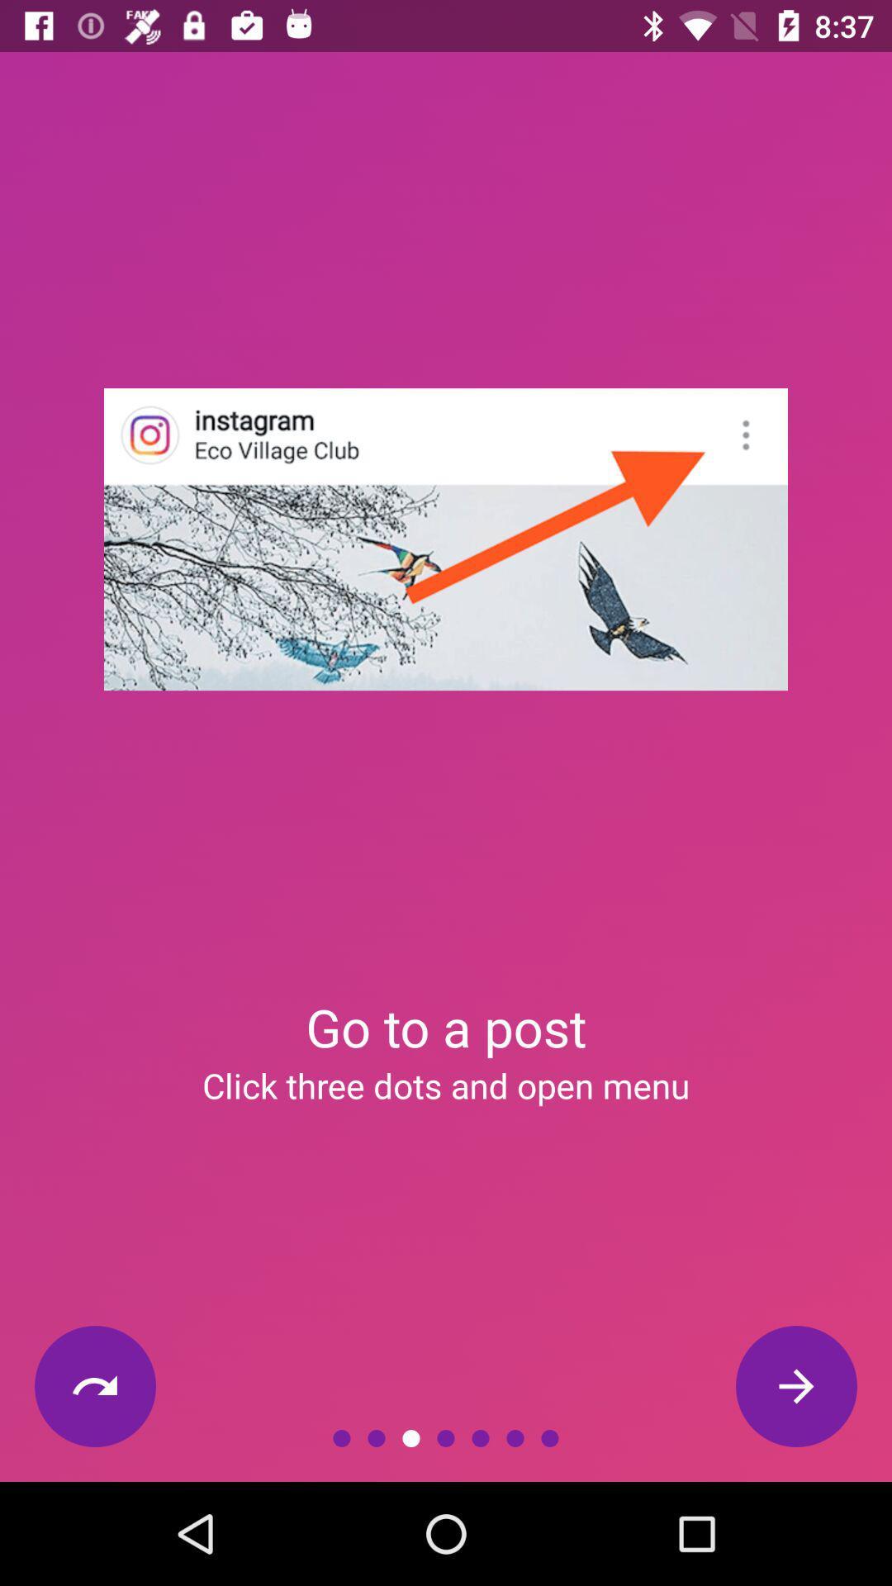 The height and width of the screenshot is (1586, 892). Describe the element at coordinates (95, 1386) in the screenshot. I see `the item at the bottom left corner` at that location.